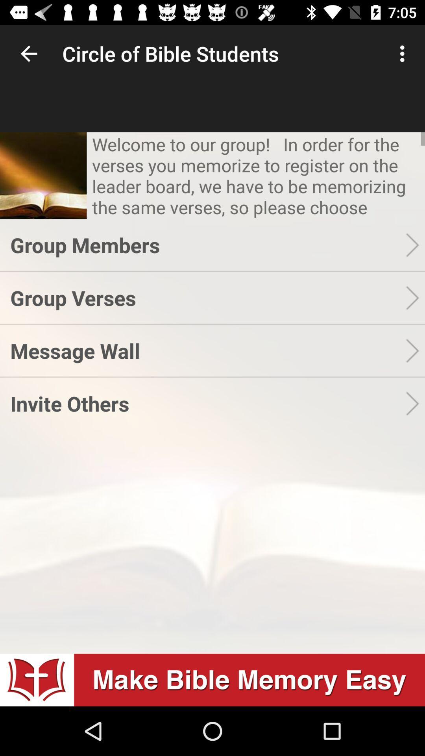  What do you see at coordinates (207, 350) in the screenshot?
I see `app below the group verses app` at bounding box center [207, 350].